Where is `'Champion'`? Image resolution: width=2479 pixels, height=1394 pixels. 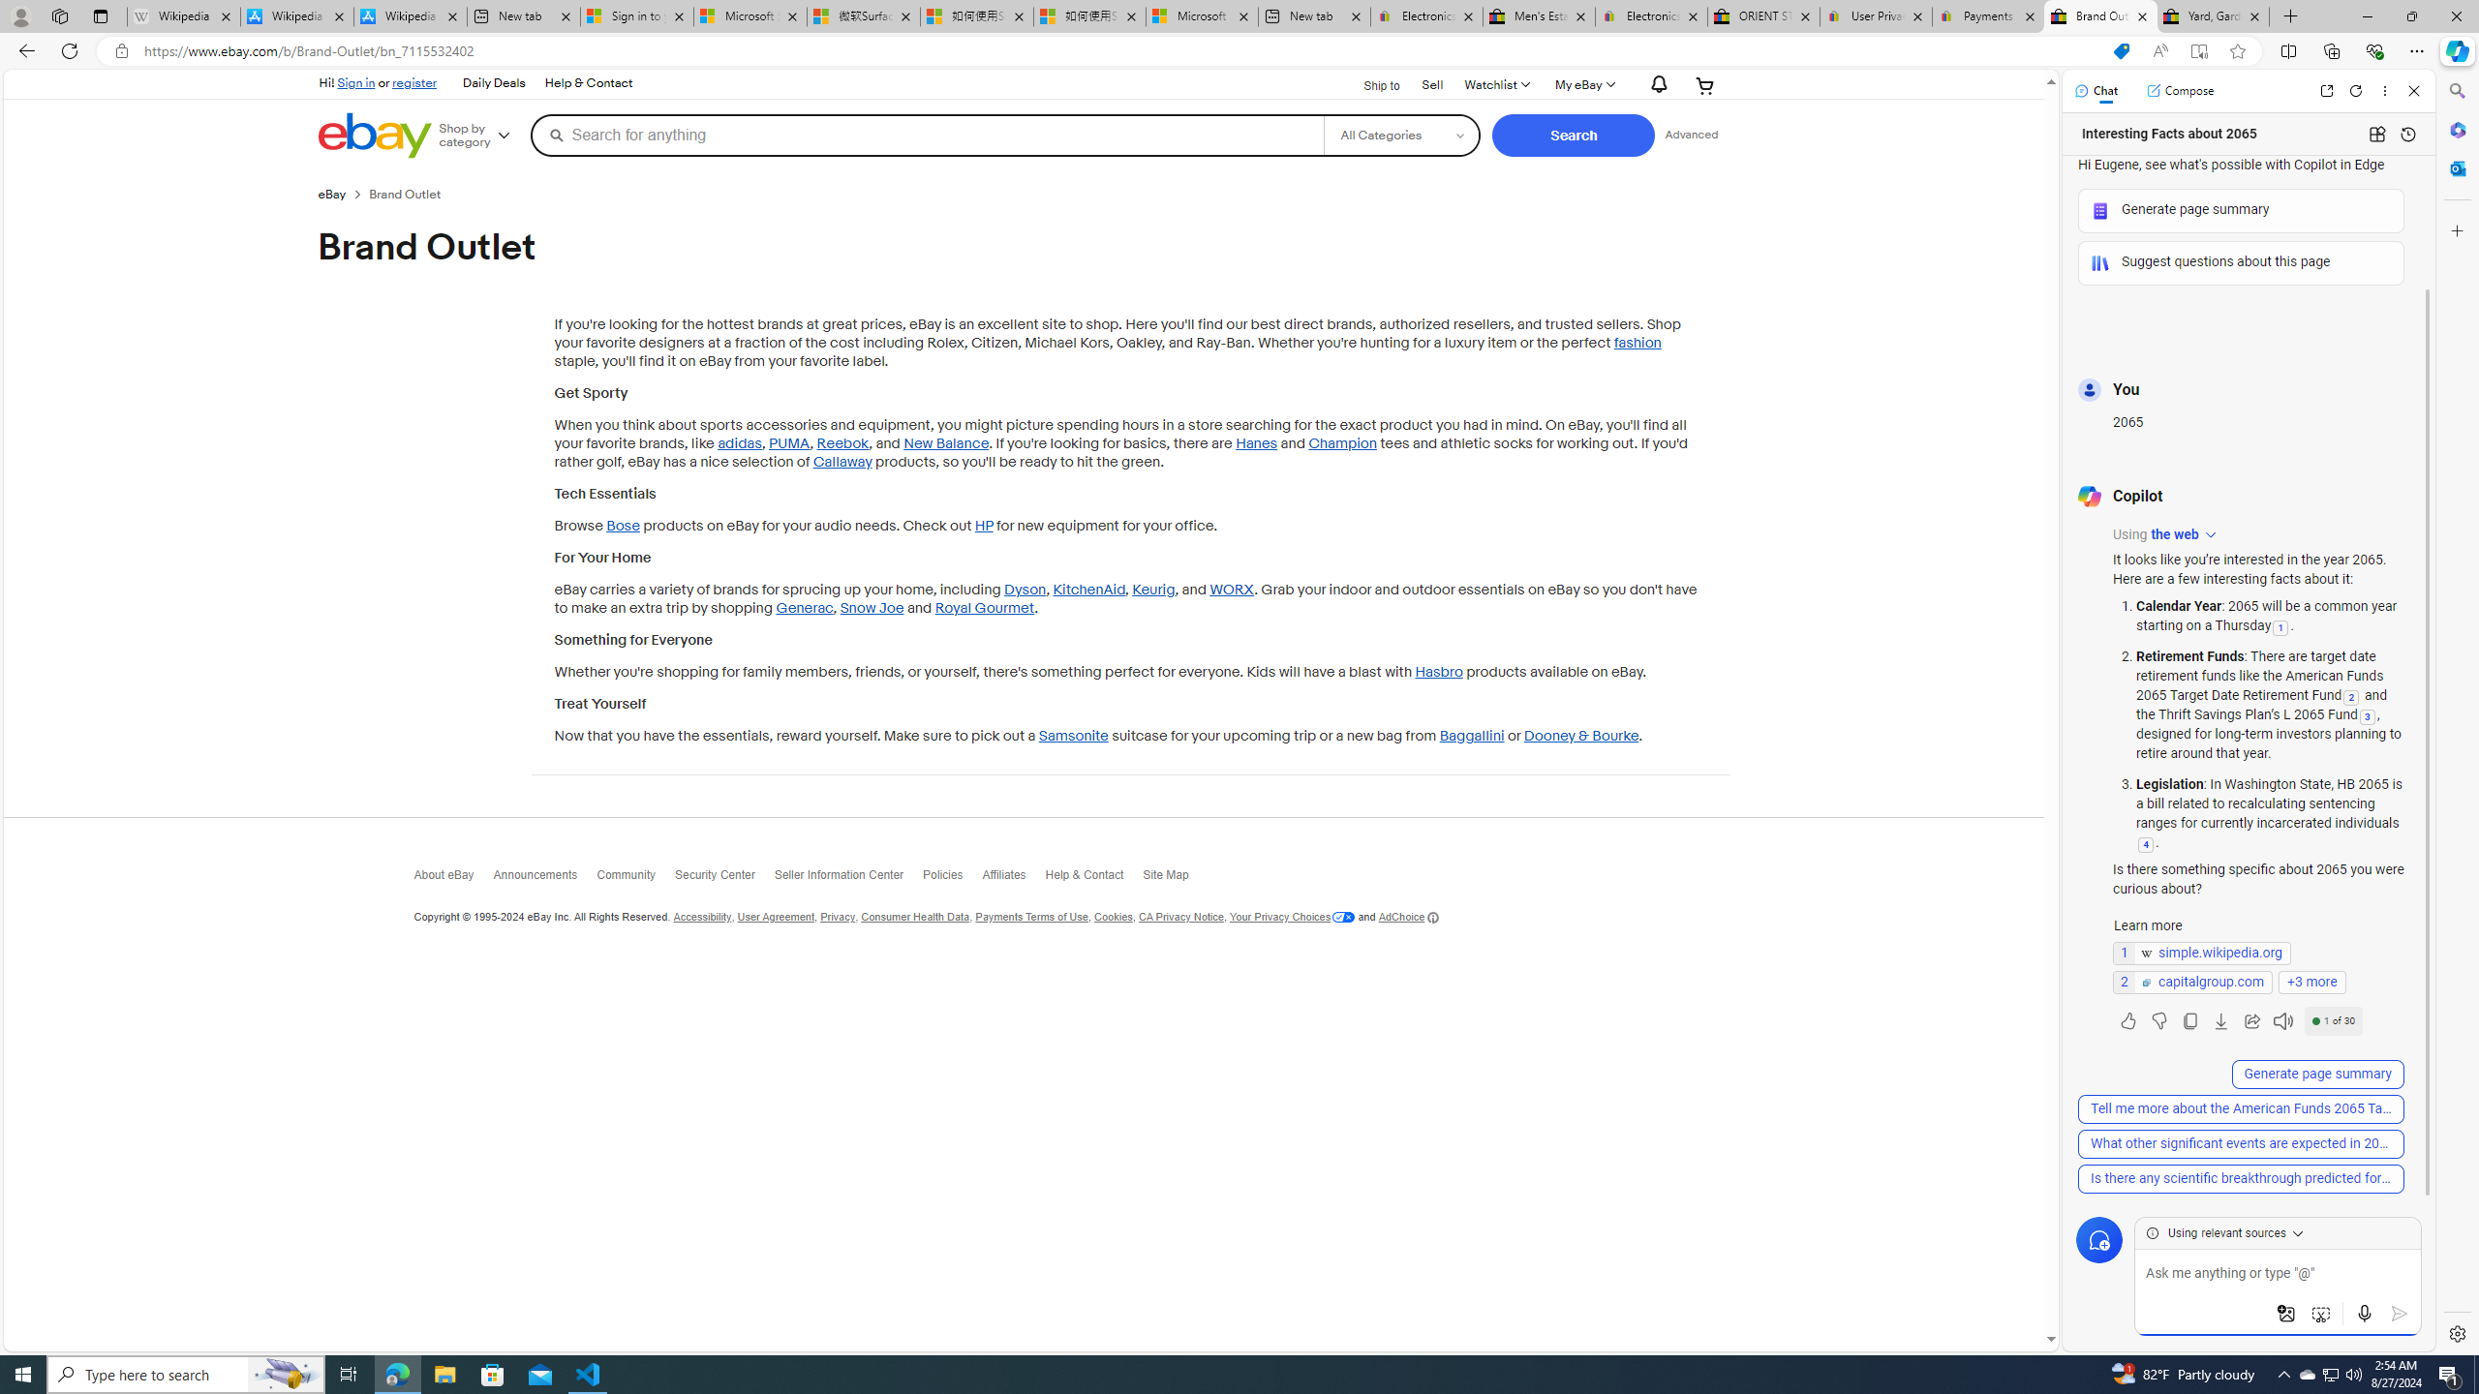 'Champion' is located at coordinates (1341, 442).